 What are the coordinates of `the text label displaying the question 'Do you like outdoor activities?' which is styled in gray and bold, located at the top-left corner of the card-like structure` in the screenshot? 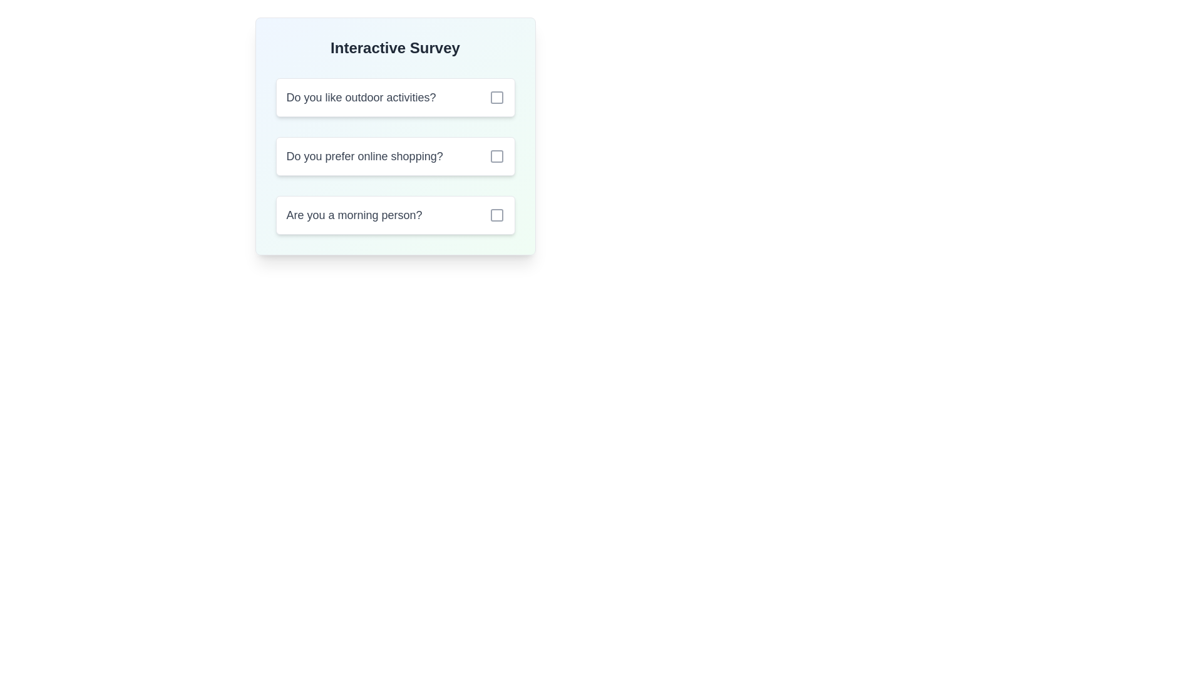 It's located at (361, 96).